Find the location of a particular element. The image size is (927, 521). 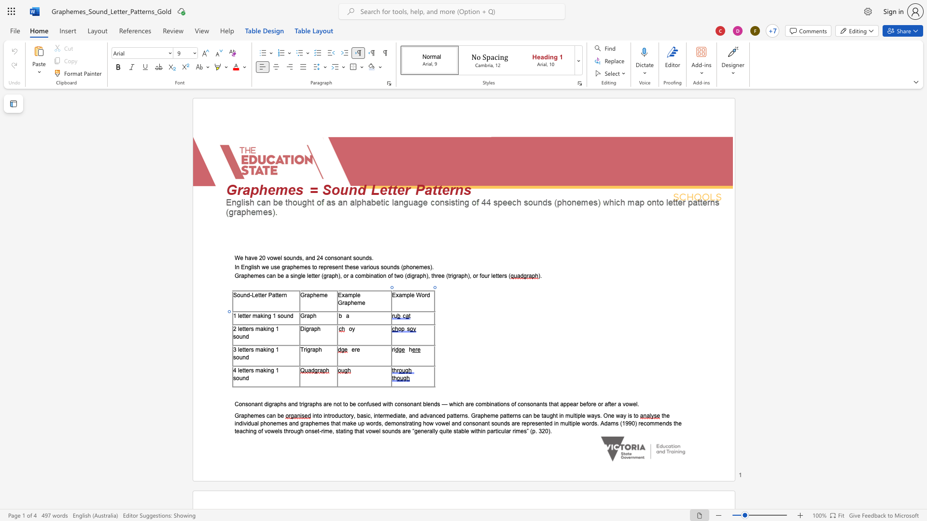

the space between the continuous character "a" and "k" in the text is located at coordinates (260, 315).